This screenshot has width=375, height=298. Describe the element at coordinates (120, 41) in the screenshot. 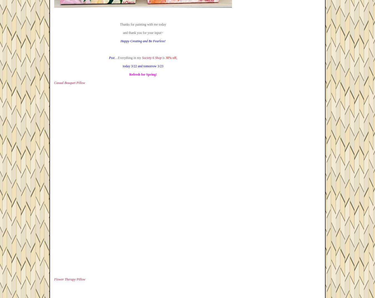

I see `'Happy Creating and Be Fearless!'` at that location.